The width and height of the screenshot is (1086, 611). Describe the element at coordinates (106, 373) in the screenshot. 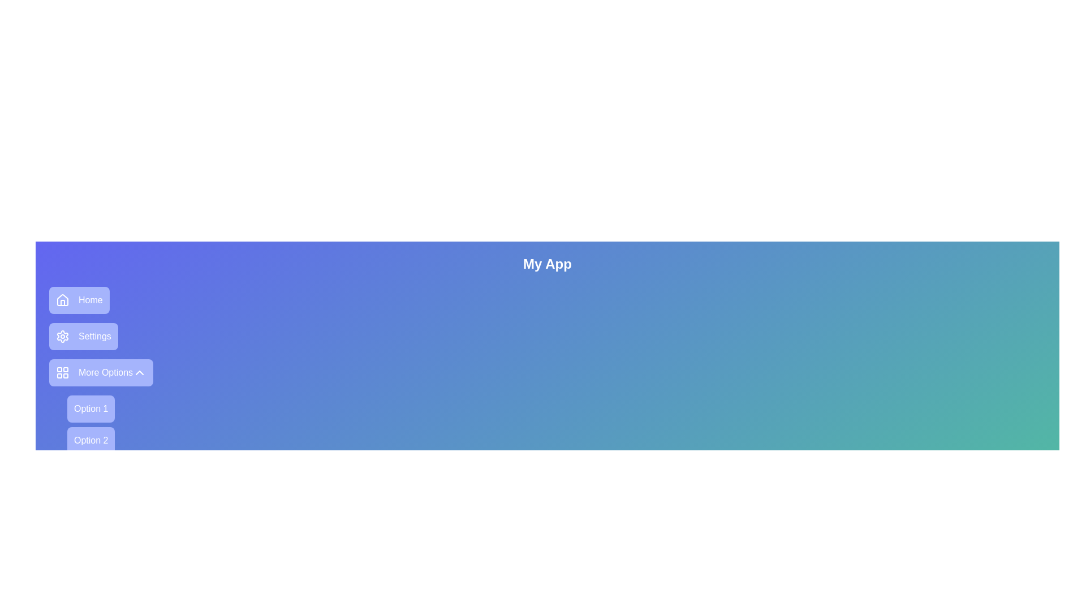

I see `the 'More Options' button, which is a rectangular button with white text on a soft blue background` at that location.